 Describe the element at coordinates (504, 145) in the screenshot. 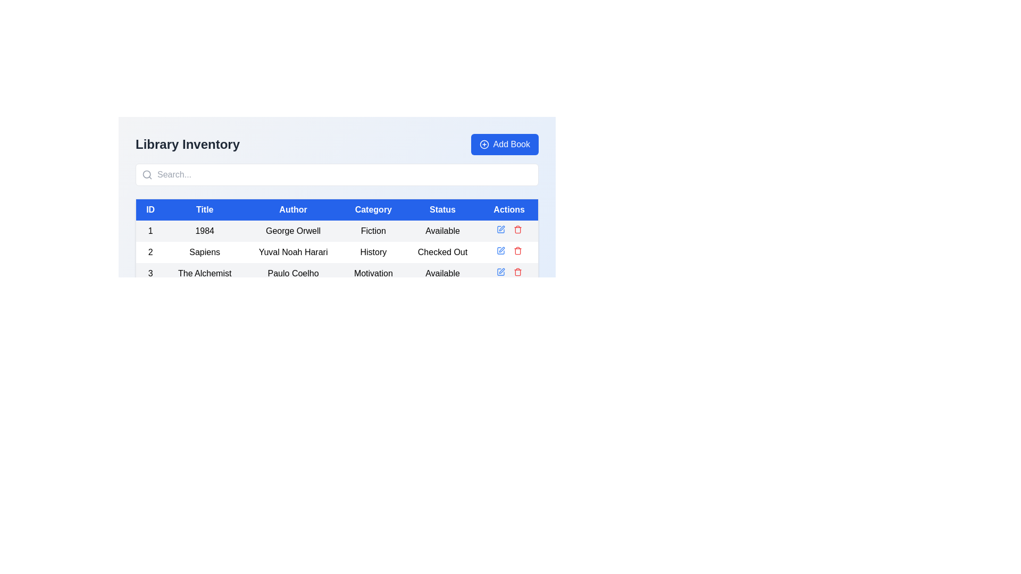

I see `the blue rectangular button labeled 'Add Book' located at the top-right corner of the 'Library Inventory' section` at that location.